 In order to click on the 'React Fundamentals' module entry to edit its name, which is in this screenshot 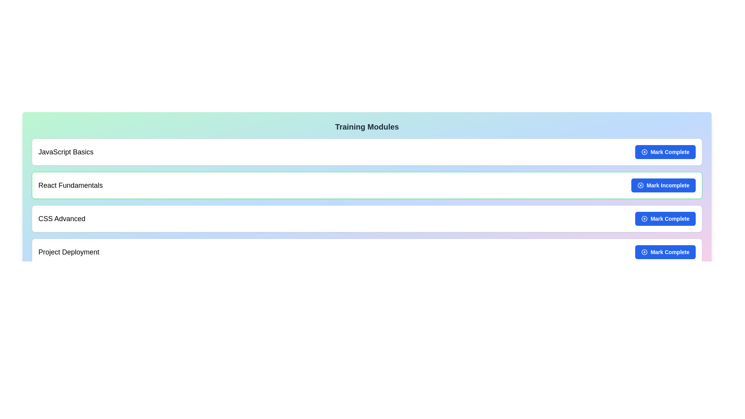, I will do `click(366, 185)`.